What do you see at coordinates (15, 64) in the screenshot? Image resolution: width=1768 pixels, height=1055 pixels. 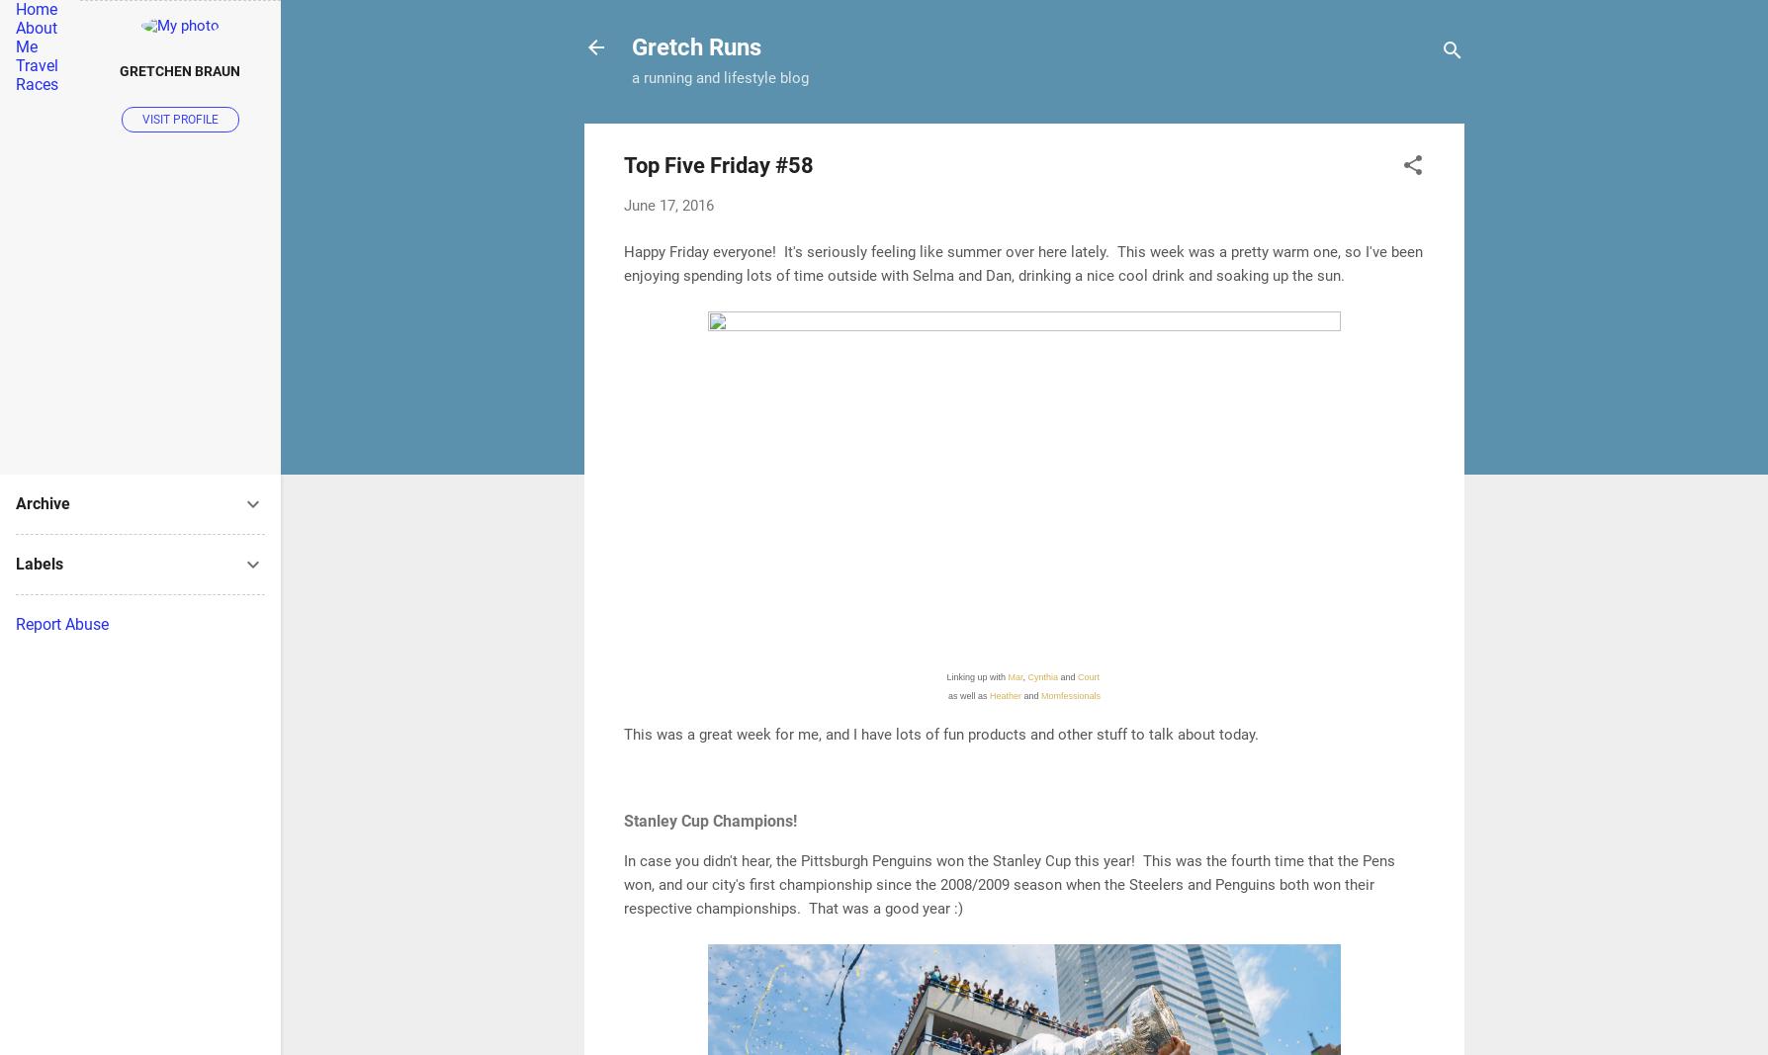 I see `'Travel'` at bounding box center [15, 64].